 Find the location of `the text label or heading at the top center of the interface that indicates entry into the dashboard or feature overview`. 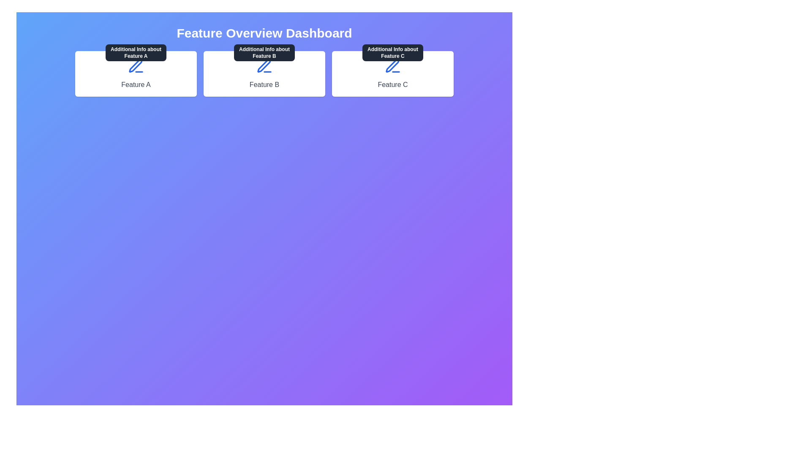

the text label or heading at the top center of the interface that indicates entry into the dashboard or feature overview is located at coordinates (264, 33).